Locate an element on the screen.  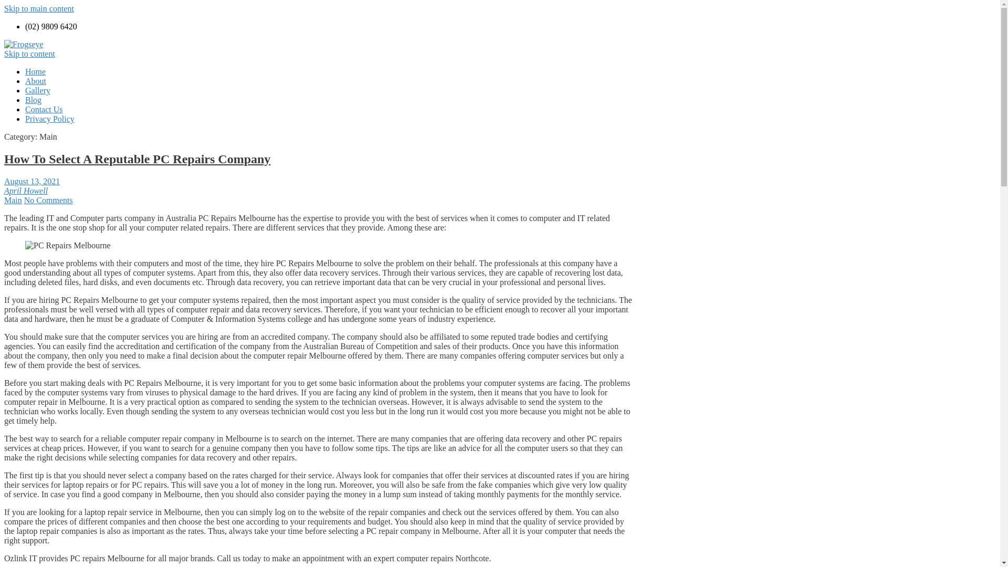
'Gallery' is located at coordinates (25, 90).